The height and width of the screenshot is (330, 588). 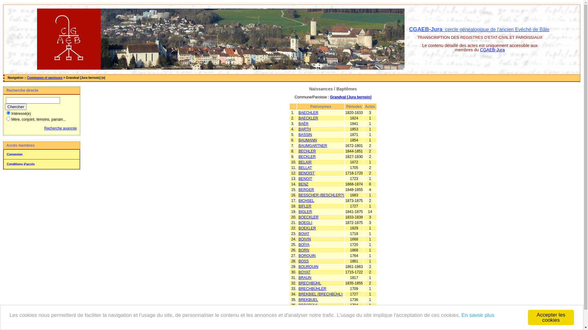 What do you see at coordinates (305, 223) in the screenshot?
I see `'BOEGLI'` at bounding box center [305, 223].